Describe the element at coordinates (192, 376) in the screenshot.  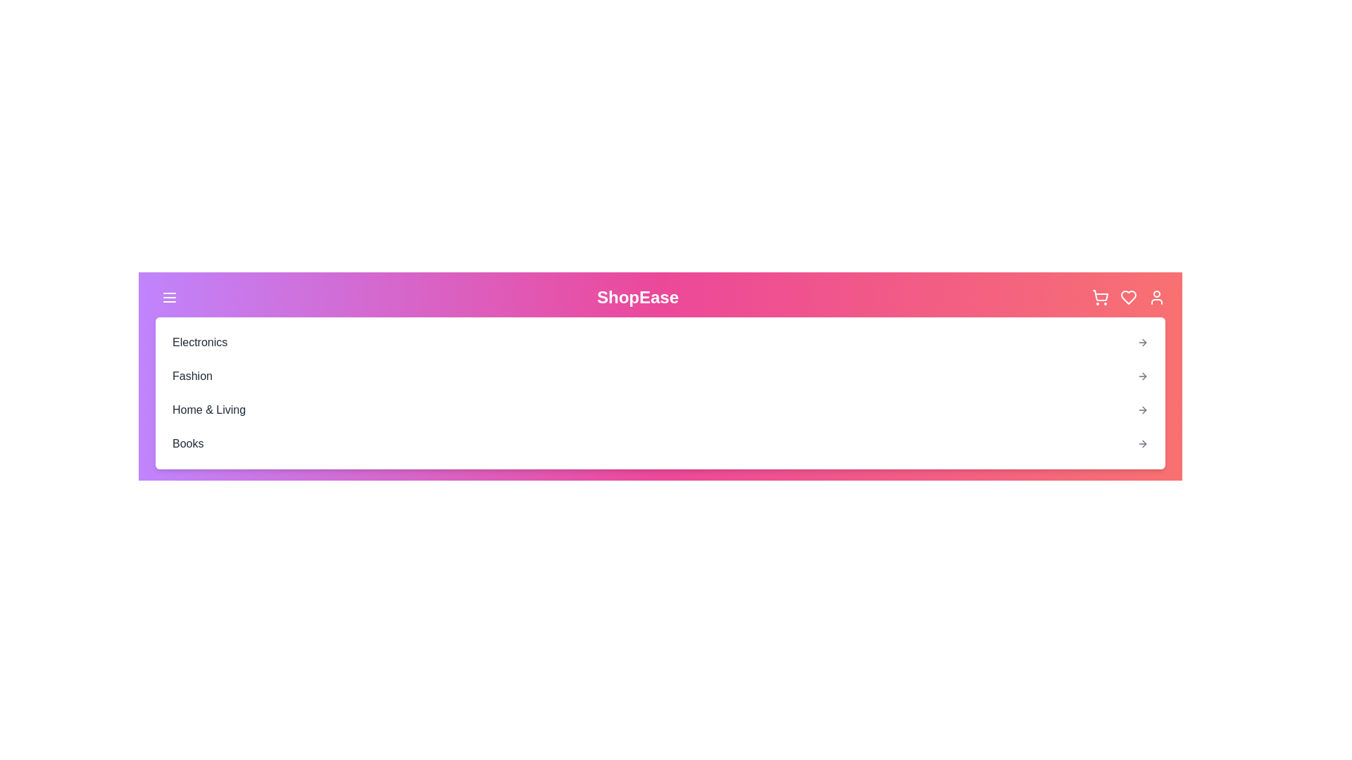
I see `the category Fashion from the dropdown menu` at that location.